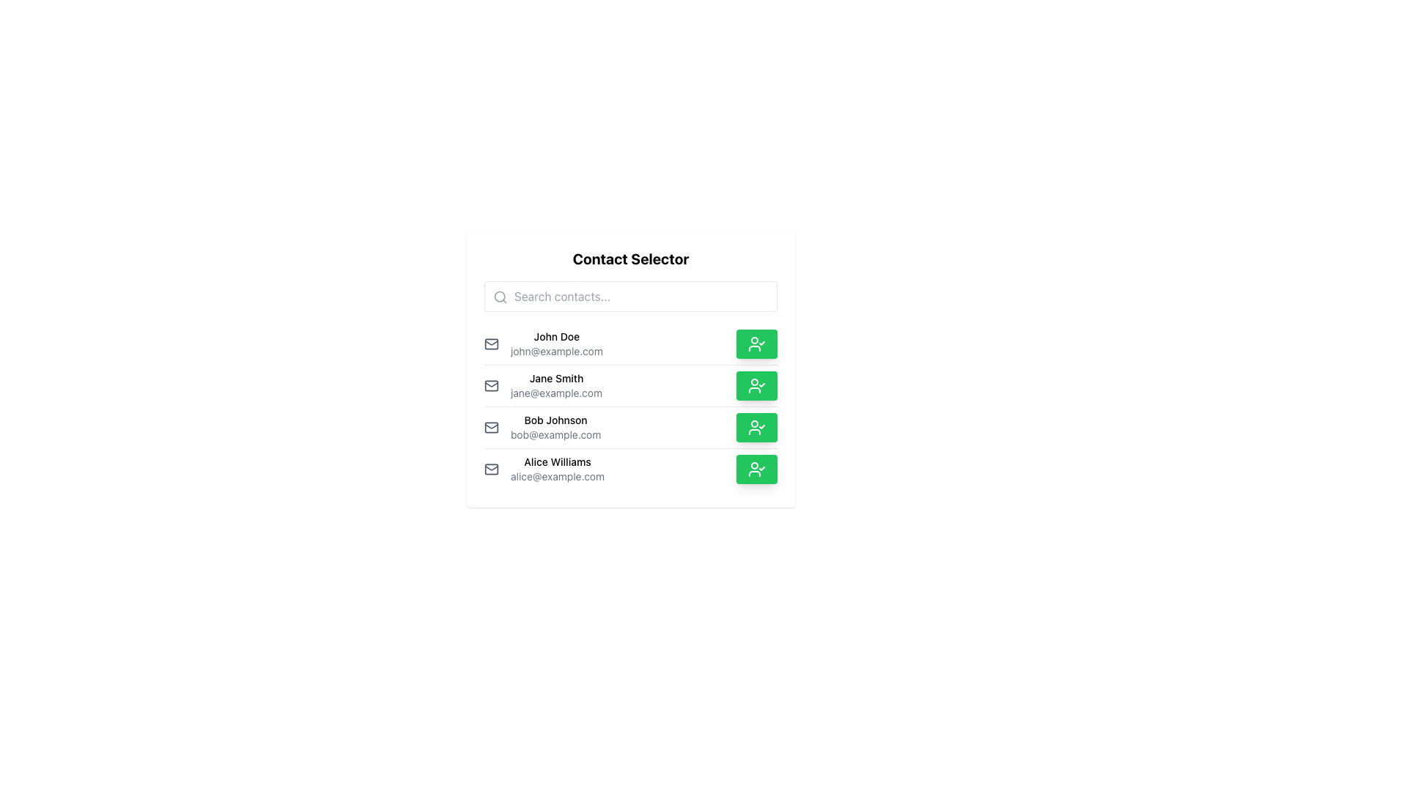 This screenshot has width=1407, height=791. Describe the element at coordinates (630, 469) in the screenshot. I see `the email address of the contact entry in the fourth position of the contact list` at that location.